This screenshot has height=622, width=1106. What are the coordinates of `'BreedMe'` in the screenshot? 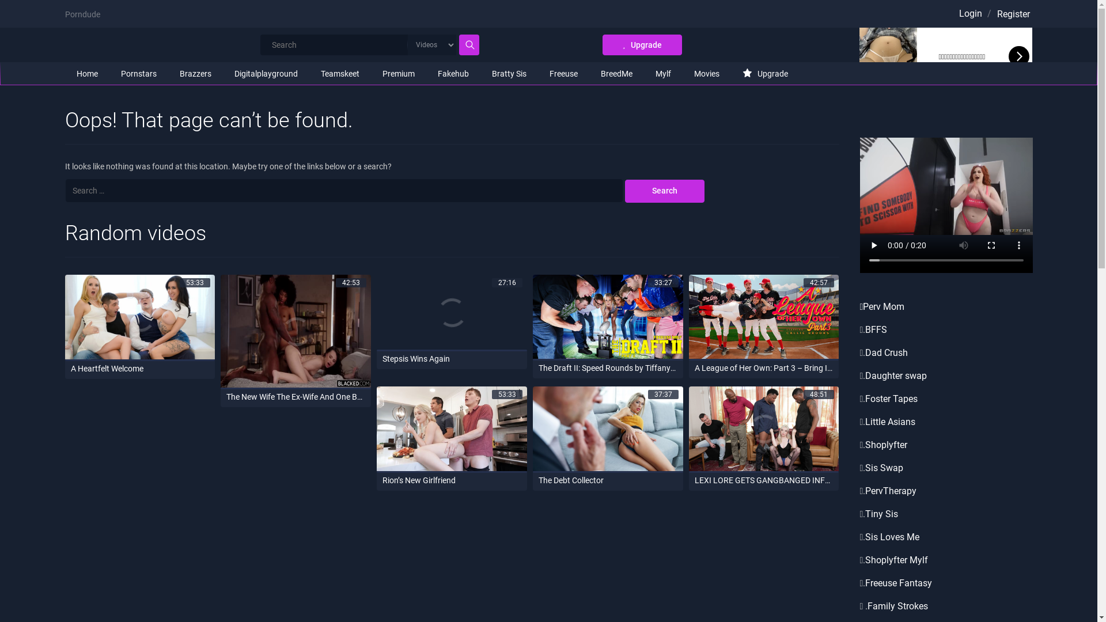 It's located at (615, 73).